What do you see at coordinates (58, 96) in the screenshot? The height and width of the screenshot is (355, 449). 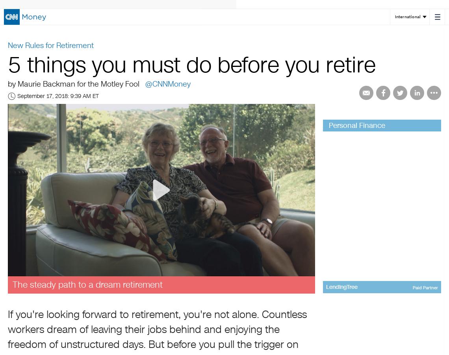 I see `'September 17, 2018: 9:39 AM ET'` at bounding box center [58, 96].